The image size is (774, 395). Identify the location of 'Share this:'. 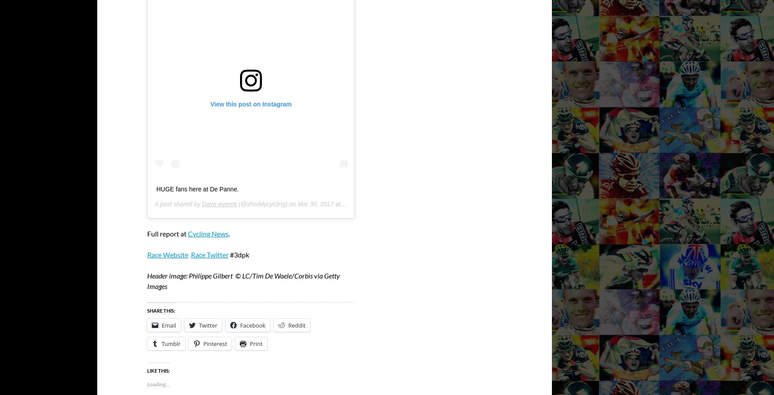
(161, 310).